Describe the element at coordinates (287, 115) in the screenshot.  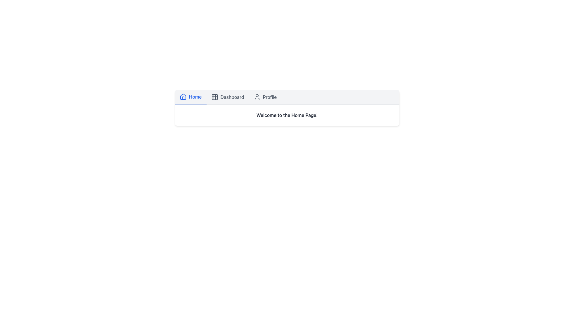
I see `the text element displaying 'Welcome to the Home Page!', which is centrally aligned below the navigation section` at that location.